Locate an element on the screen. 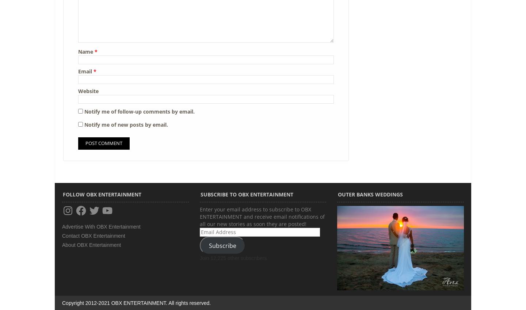 The width and height of the screenshot is (526, 310). 'Outer Banks WEDDINGS' is located at coordinates (338, 194).